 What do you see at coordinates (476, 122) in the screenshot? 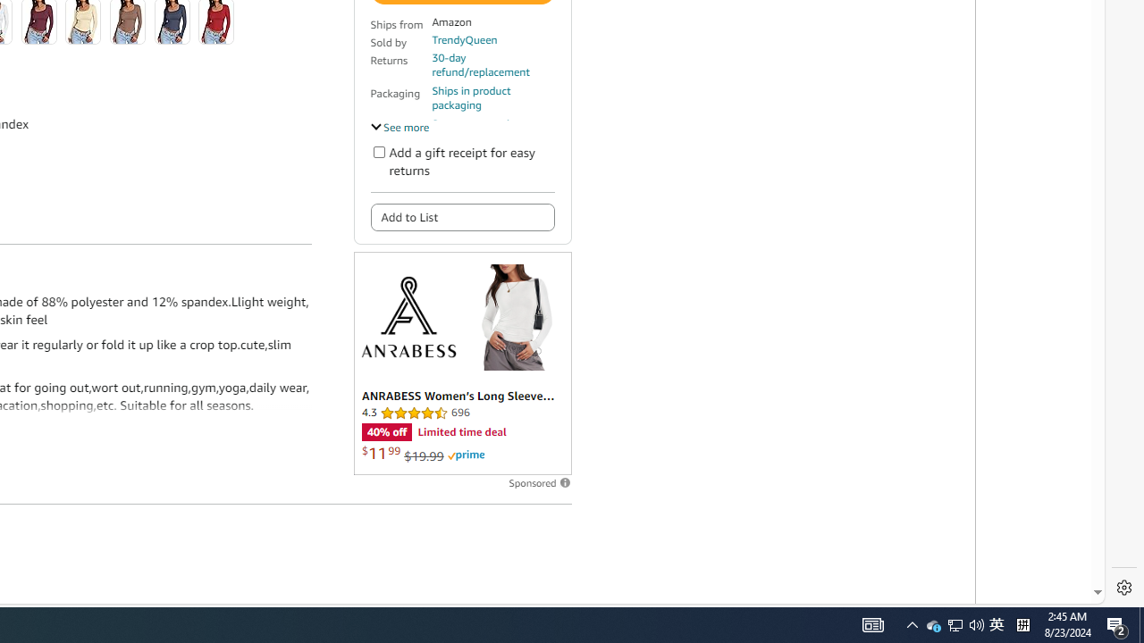
I see `'Secure transaction'` at bounding box center [476, 122].